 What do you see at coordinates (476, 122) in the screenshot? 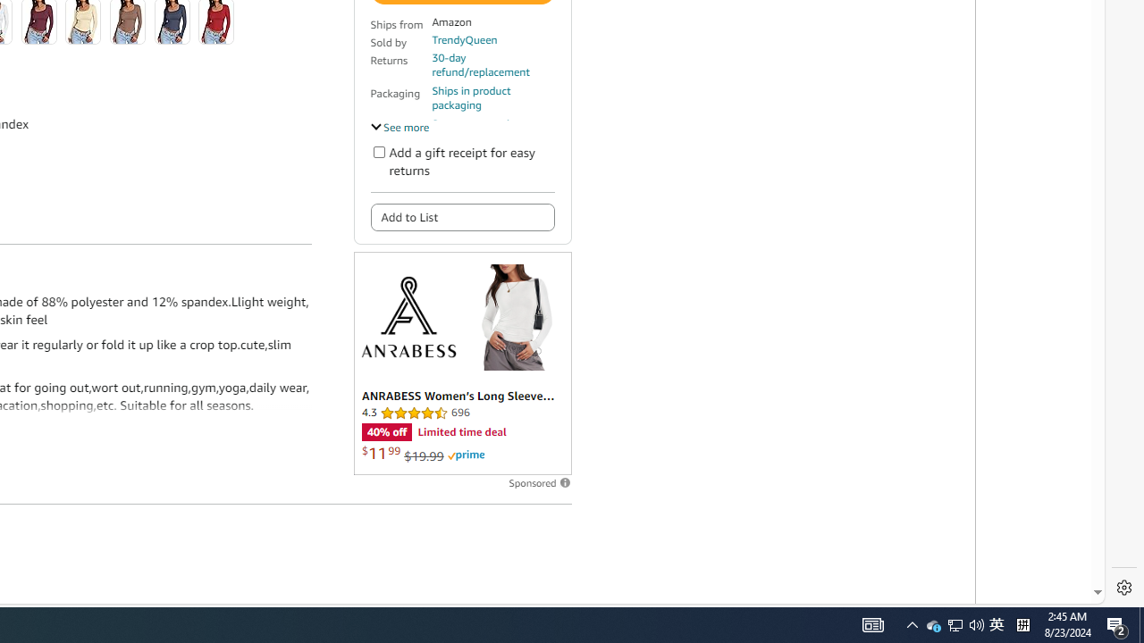
I see `'Secure transaction'` at bounding box center [476, 122].